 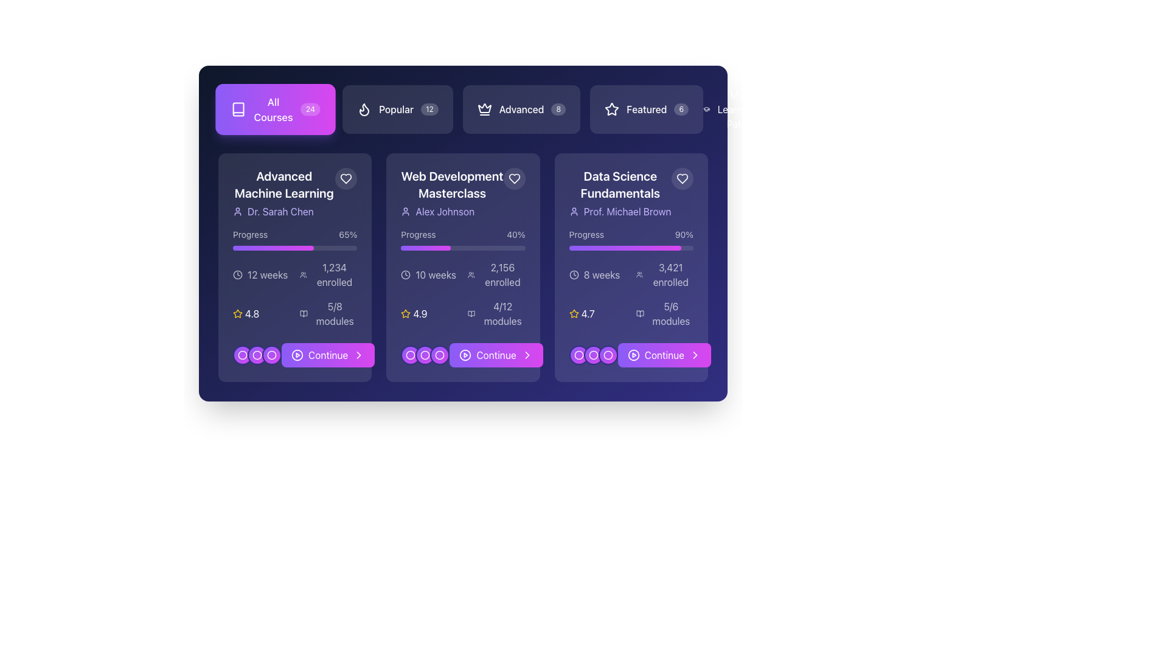 What do you see at coordinates (502, 313) in the screenshot?
I see `the static text display that shows '4/12 modules', which is located at the bottom-middle section of the second course card` at bounding box center [502, 313].